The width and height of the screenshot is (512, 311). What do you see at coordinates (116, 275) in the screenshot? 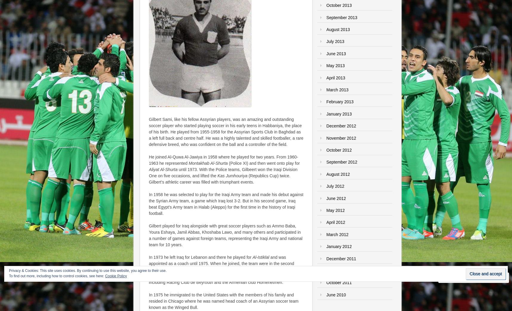
I see `'Cookie Policy'` at bounding box center [116, 275].